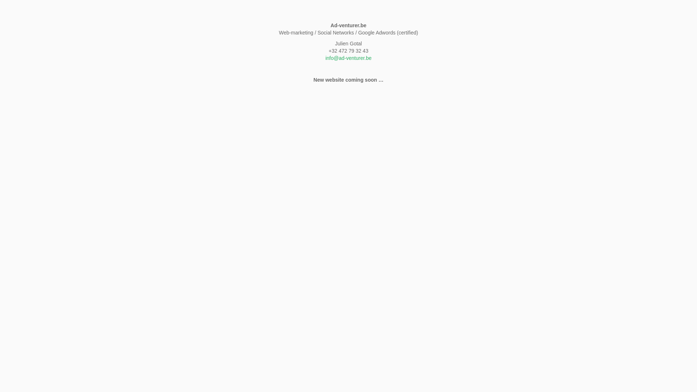  What do you see at coordinates (348, 57) in the screenshot?
I see `'info@ad-venturer.be'` at bounding box center [348, 57].